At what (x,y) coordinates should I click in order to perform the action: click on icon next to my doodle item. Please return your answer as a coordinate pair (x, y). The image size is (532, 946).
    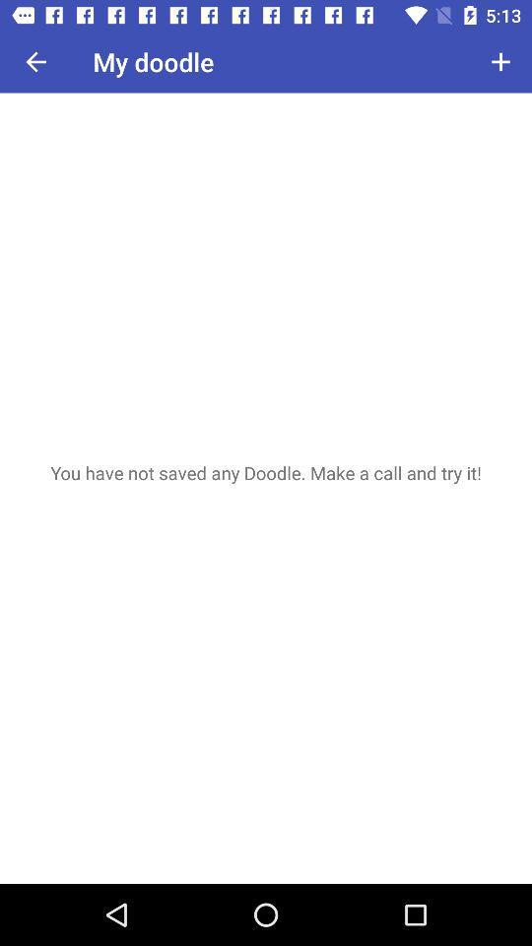
    Looking at the image, I should click on (500, 61).